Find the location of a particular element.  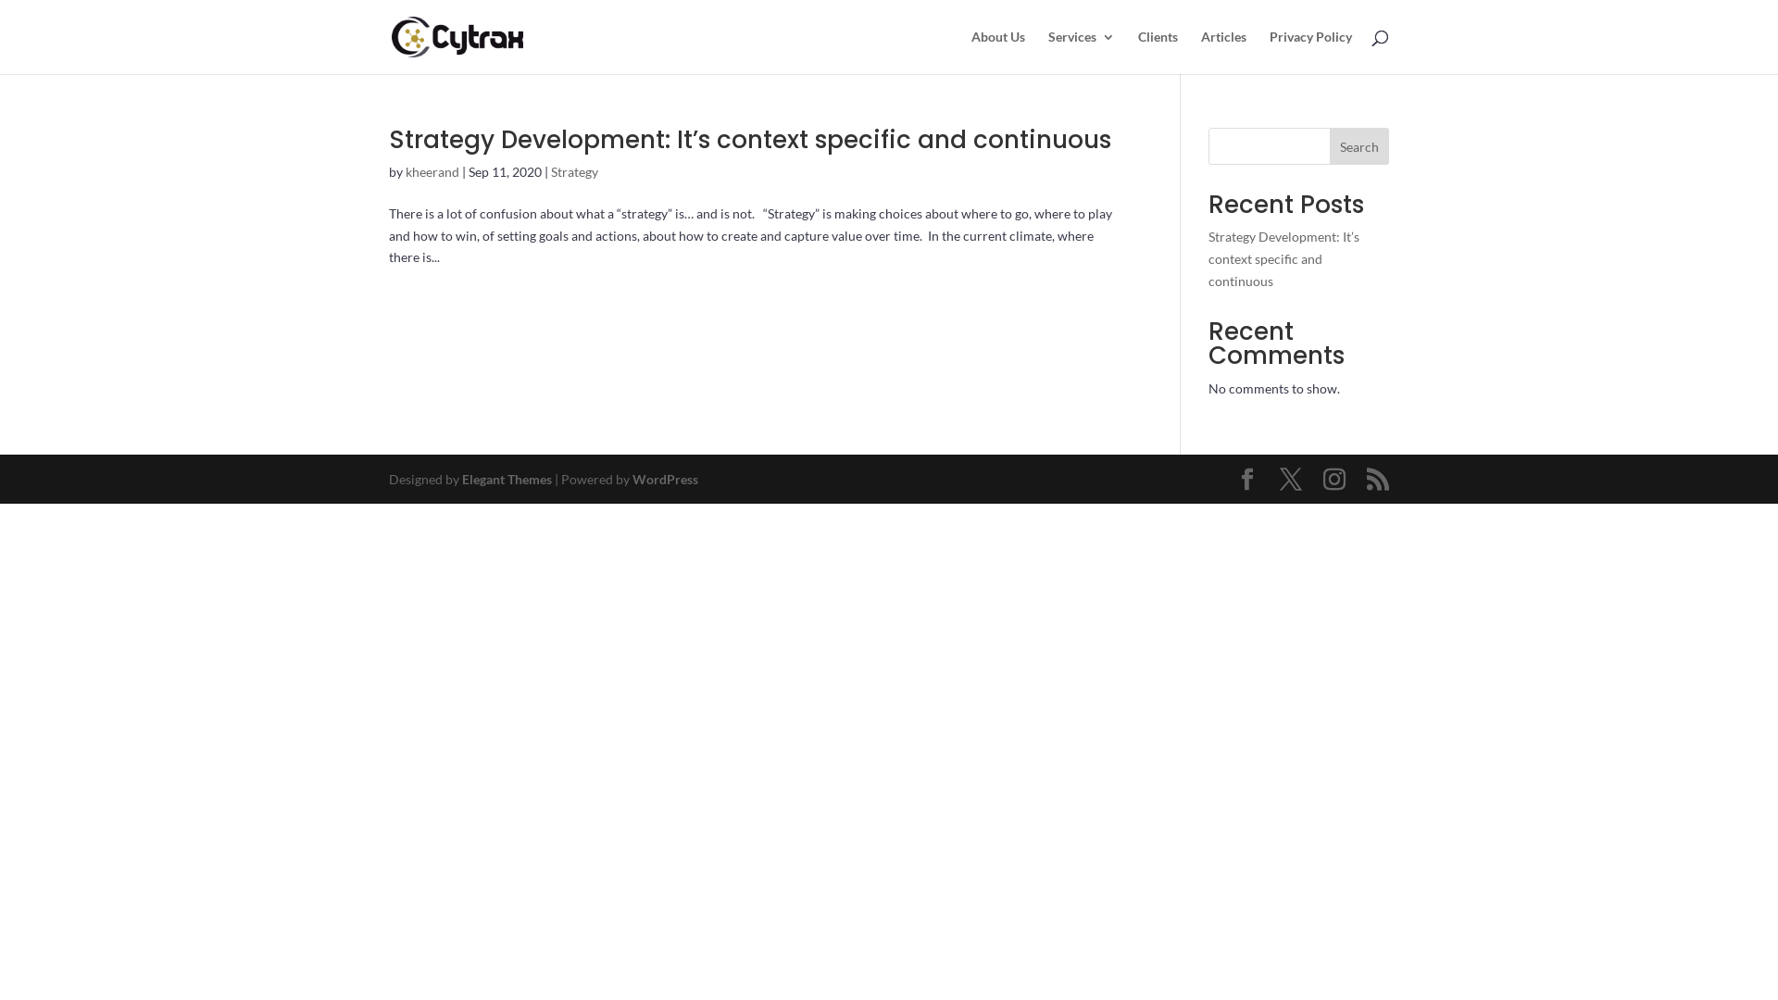

'Articles' is located at coordinates (1223, 51).